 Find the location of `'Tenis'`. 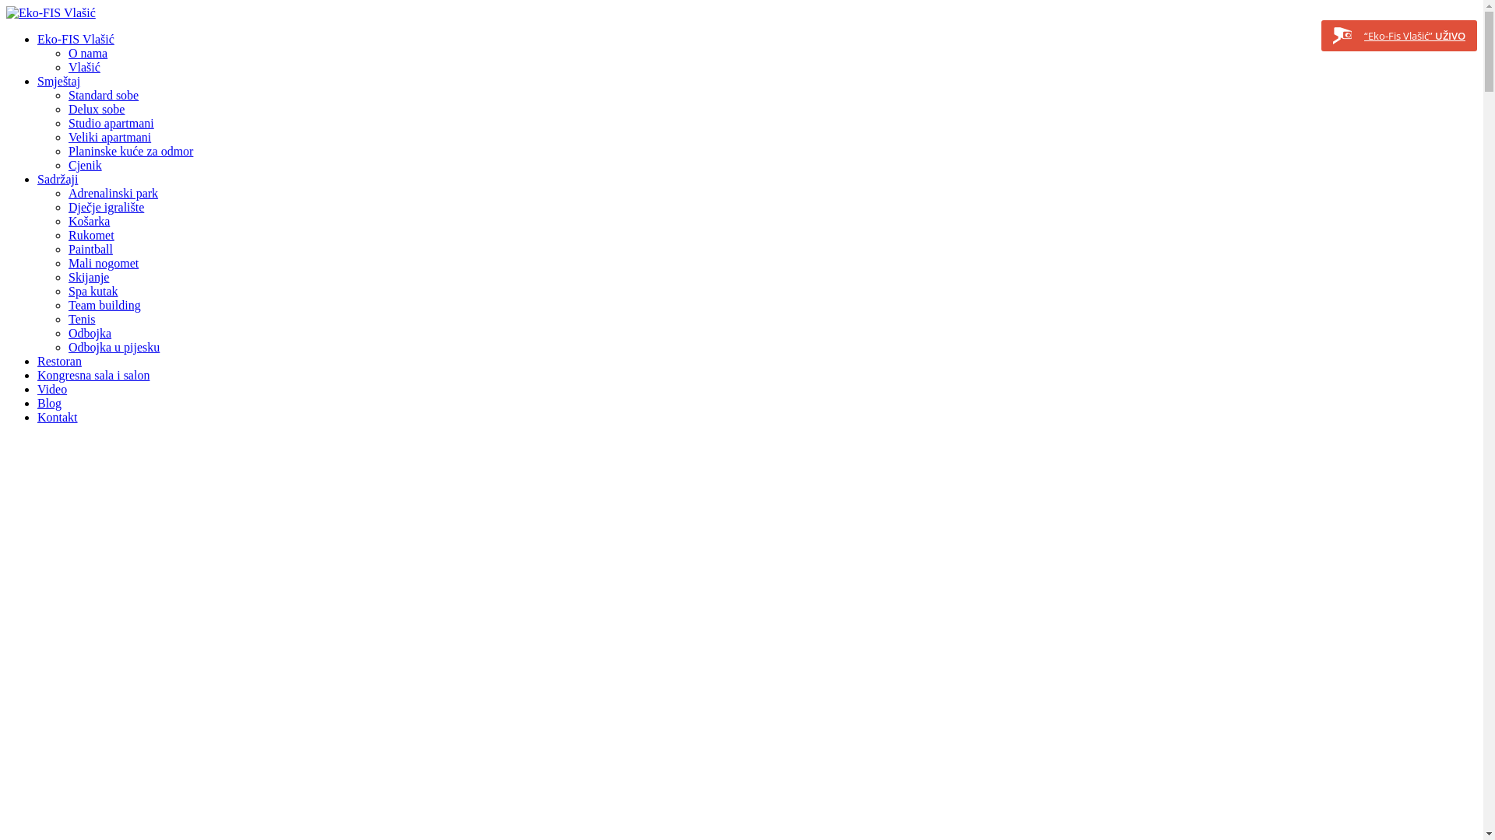

'Tenis' is located at coordinates (81, 318).